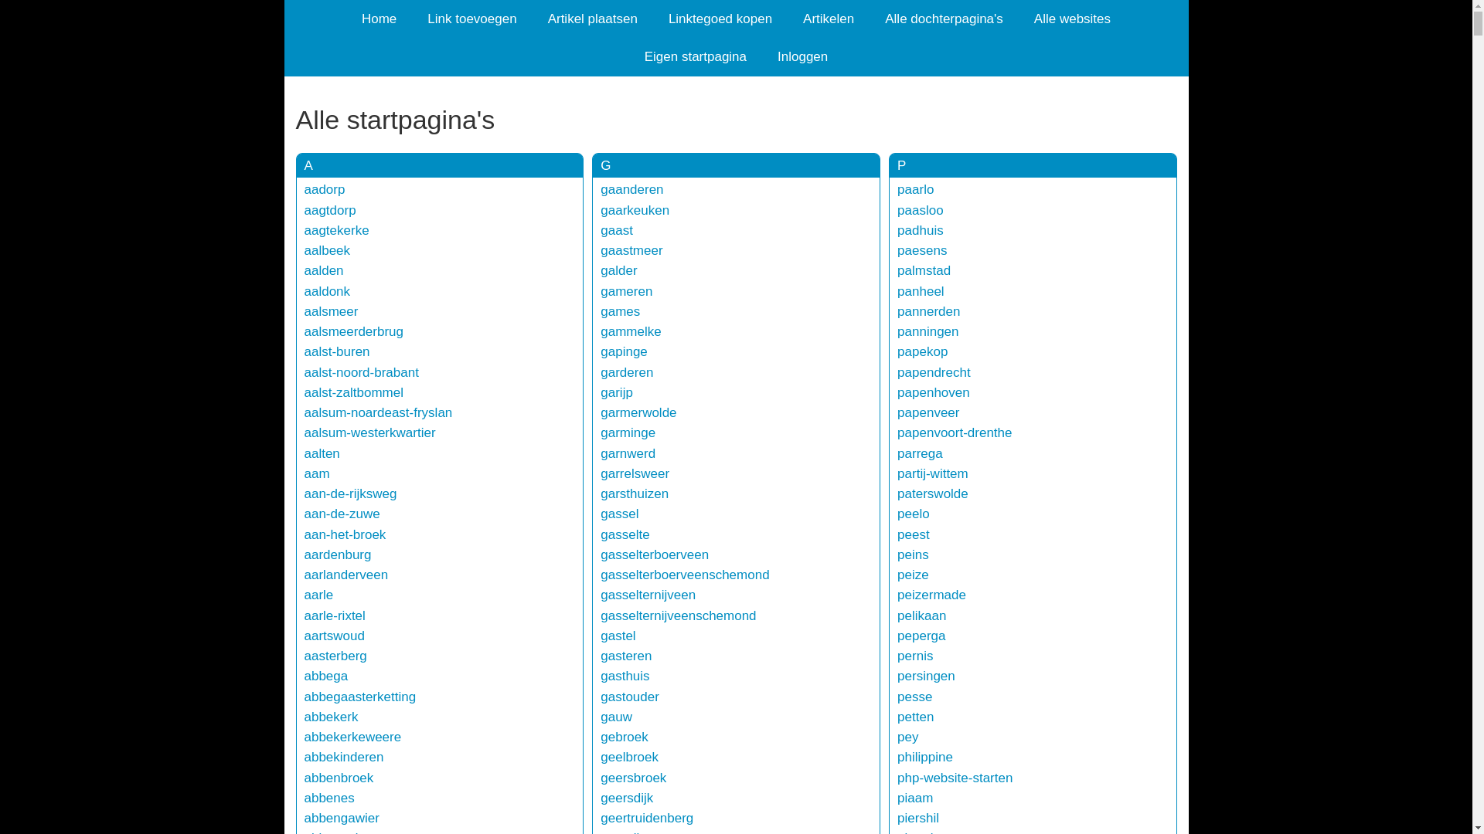 The image size is (1484, 834). What do you see at coordinates (695, 56) in the screenshot?
I see `'Eigen startpagina'` at bounding box center [695, 56].